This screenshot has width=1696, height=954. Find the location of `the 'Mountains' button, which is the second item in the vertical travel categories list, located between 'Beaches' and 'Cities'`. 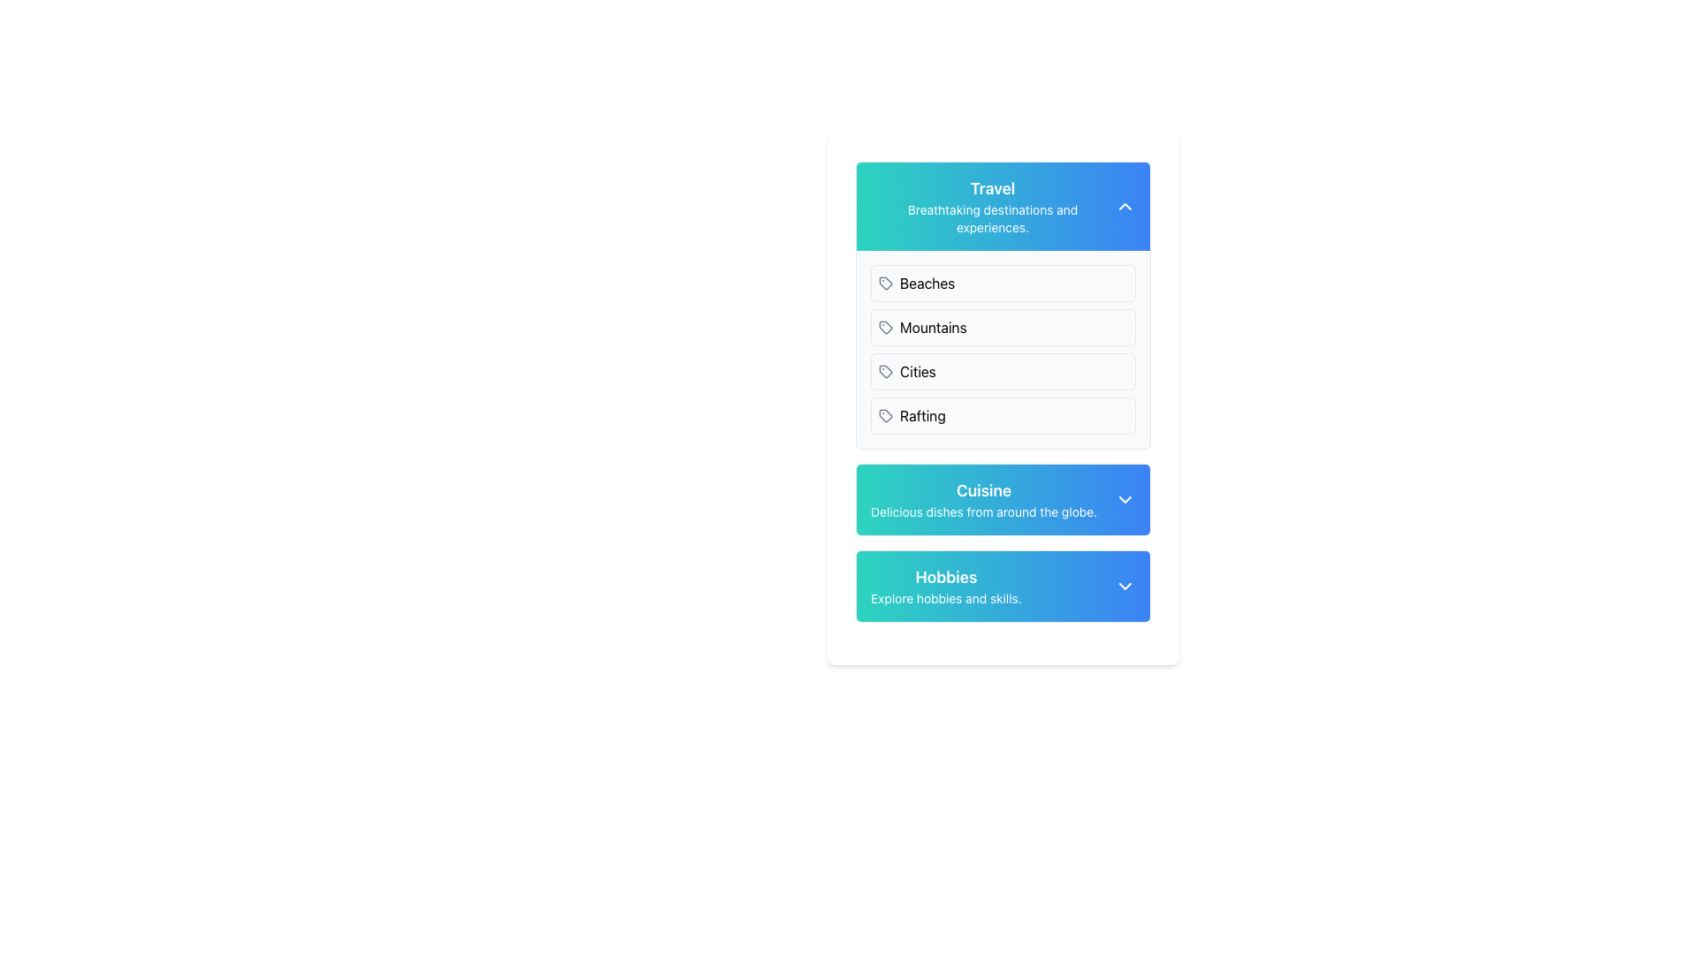

the 'Mountains' button, which is the second item in the vertical travel categories list, located between 'Beaches' and 'Cities' is located at coordinates (1003, 327).